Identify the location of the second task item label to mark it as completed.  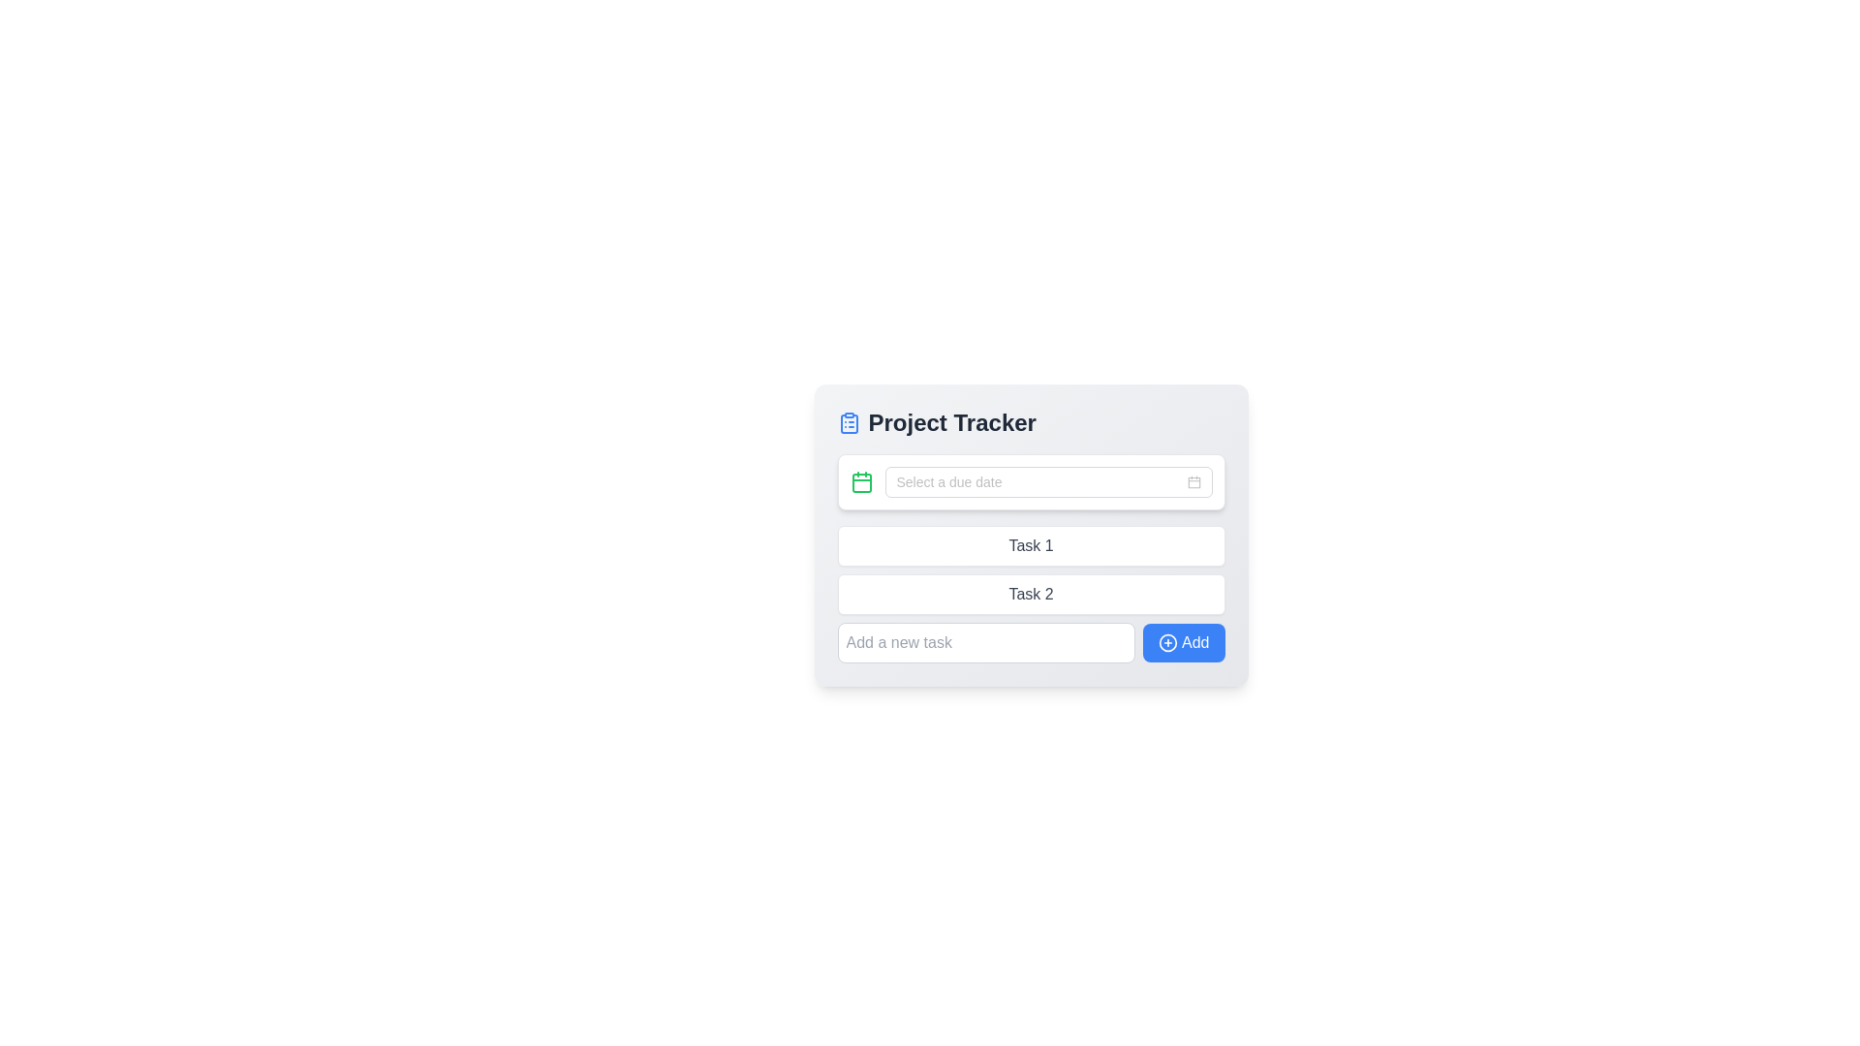
(1030, 593).